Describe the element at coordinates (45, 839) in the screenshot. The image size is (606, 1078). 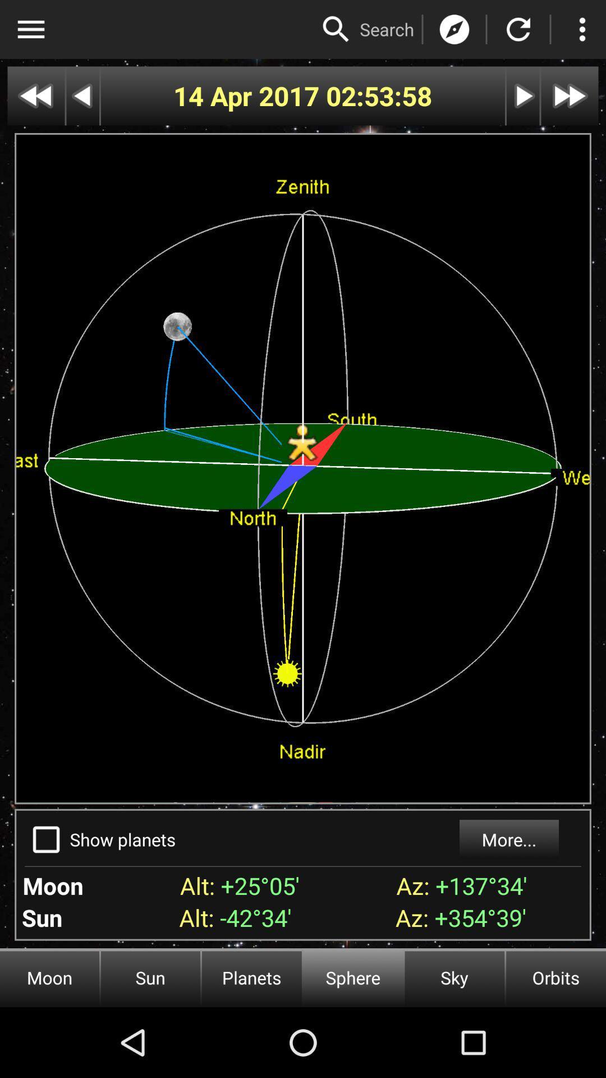
I see `show the planet` at that location.